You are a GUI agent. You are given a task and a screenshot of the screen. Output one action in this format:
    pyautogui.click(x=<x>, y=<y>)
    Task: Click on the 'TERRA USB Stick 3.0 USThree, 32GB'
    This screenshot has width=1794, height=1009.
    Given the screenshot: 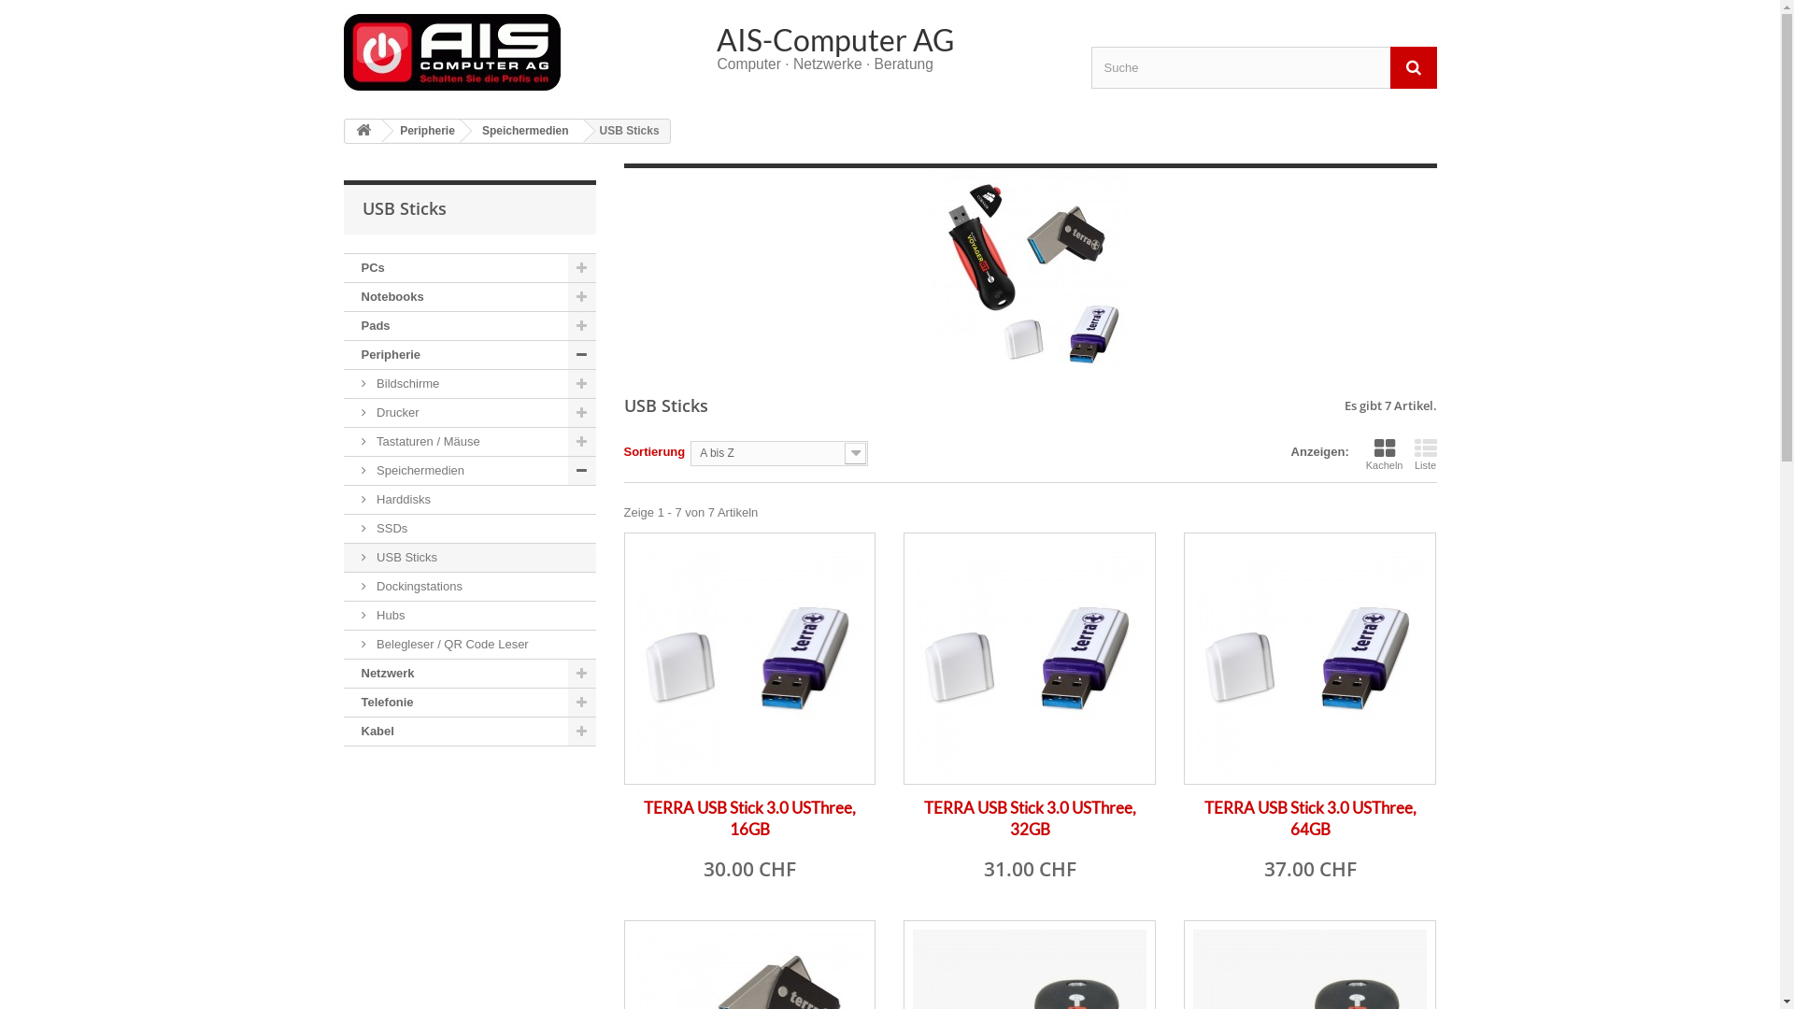 What is the action you would take?
    pyautogui.click(x=1029, y=658)
    